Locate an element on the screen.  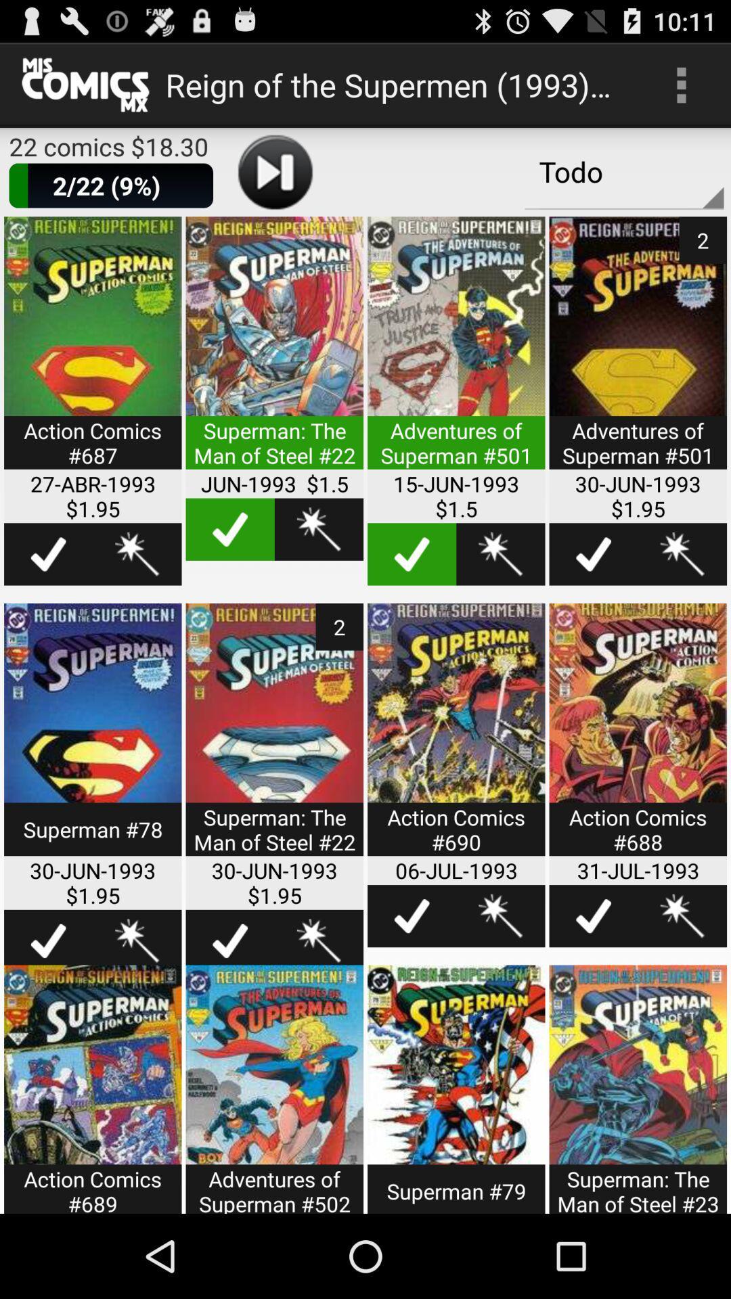
options is located at coordinates (682, 554).